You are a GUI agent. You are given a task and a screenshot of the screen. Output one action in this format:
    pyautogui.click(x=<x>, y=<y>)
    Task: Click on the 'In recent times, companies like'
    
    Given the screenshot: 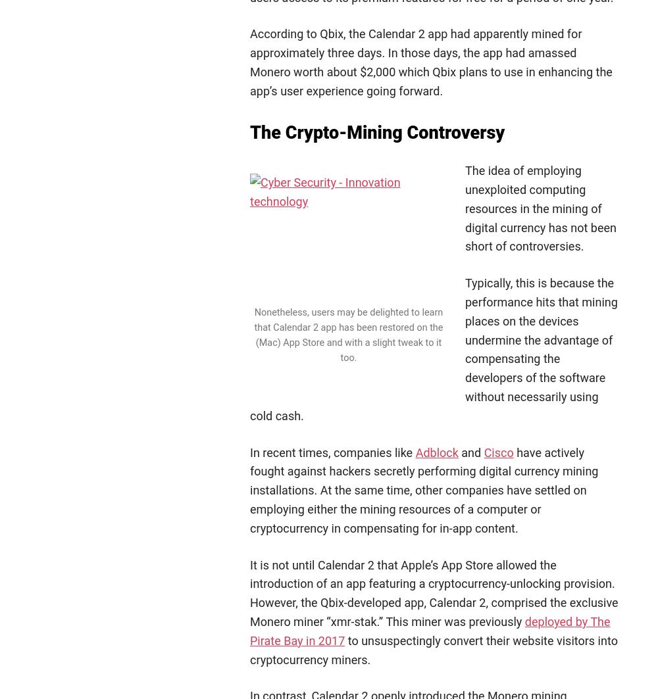 What is the action you would take?
    pyautogui.click(x=332, y=451)
    